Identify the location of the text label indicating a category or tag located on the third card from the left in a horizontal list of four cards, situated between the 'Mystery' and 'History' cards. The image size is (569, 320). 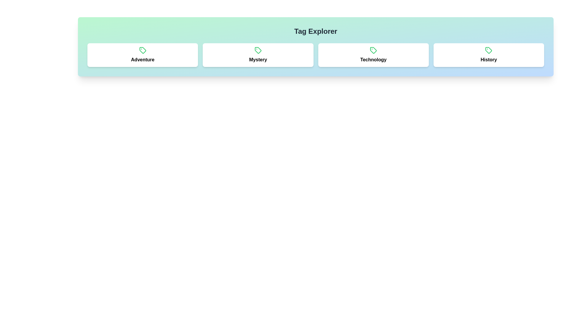
(373, 60).